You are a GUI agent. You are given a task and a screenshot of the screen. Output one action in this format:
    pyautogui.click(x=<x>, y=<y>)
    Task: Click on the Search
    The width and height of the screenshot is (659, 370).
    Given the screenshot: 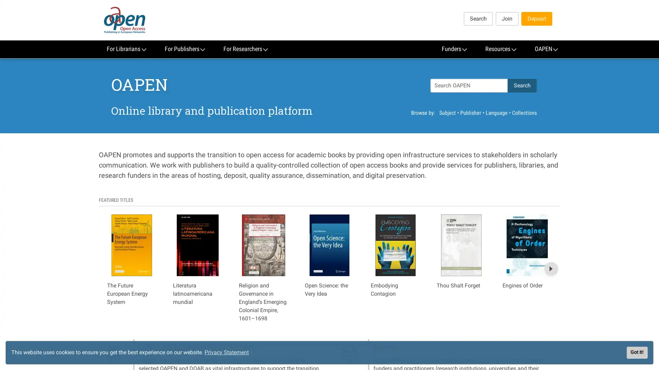 What is the action you would take?
    pyautogui.click(x=522, y=85)
    